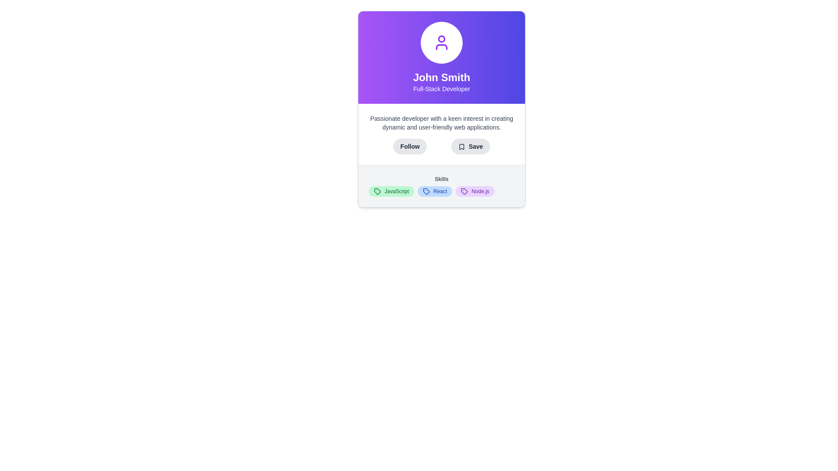  Describe the element at coordinates (426, 191) in the screenshot. I see `the icon representing a tag located in the 'Skills' section, positioned next to the 'React' label` at that location.